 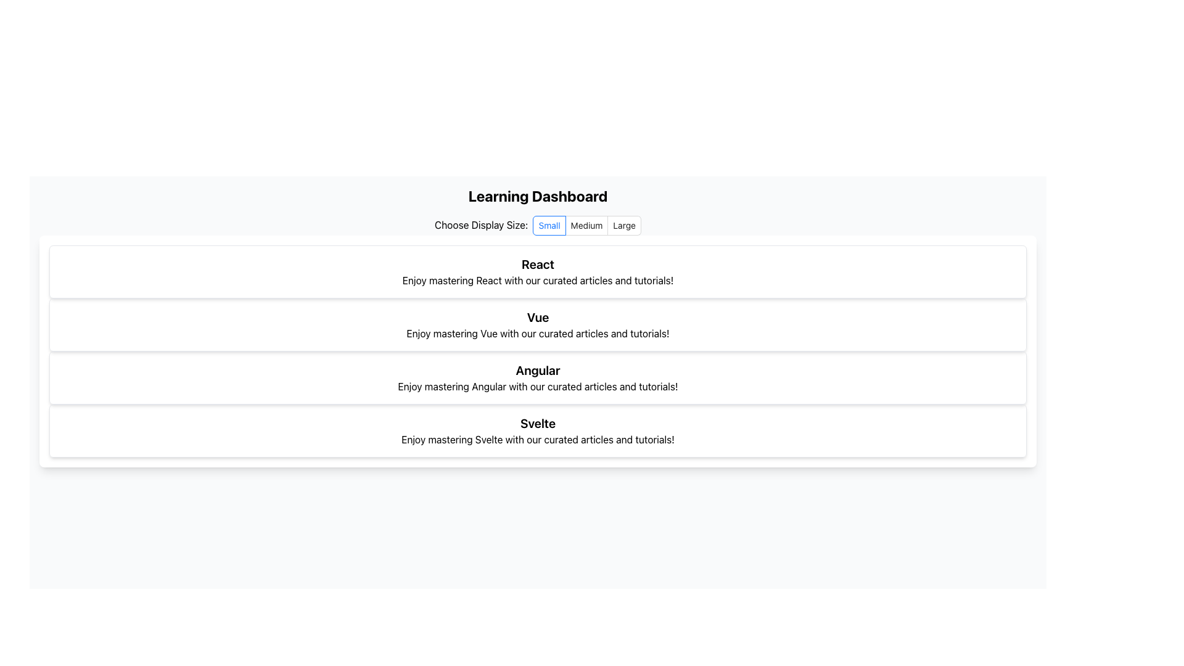 I want to click on the static text header displaying the word 'Angular', which is bold and large-sized, positioned at the center above the descriptive paragraph, so click(x=538, y=370).